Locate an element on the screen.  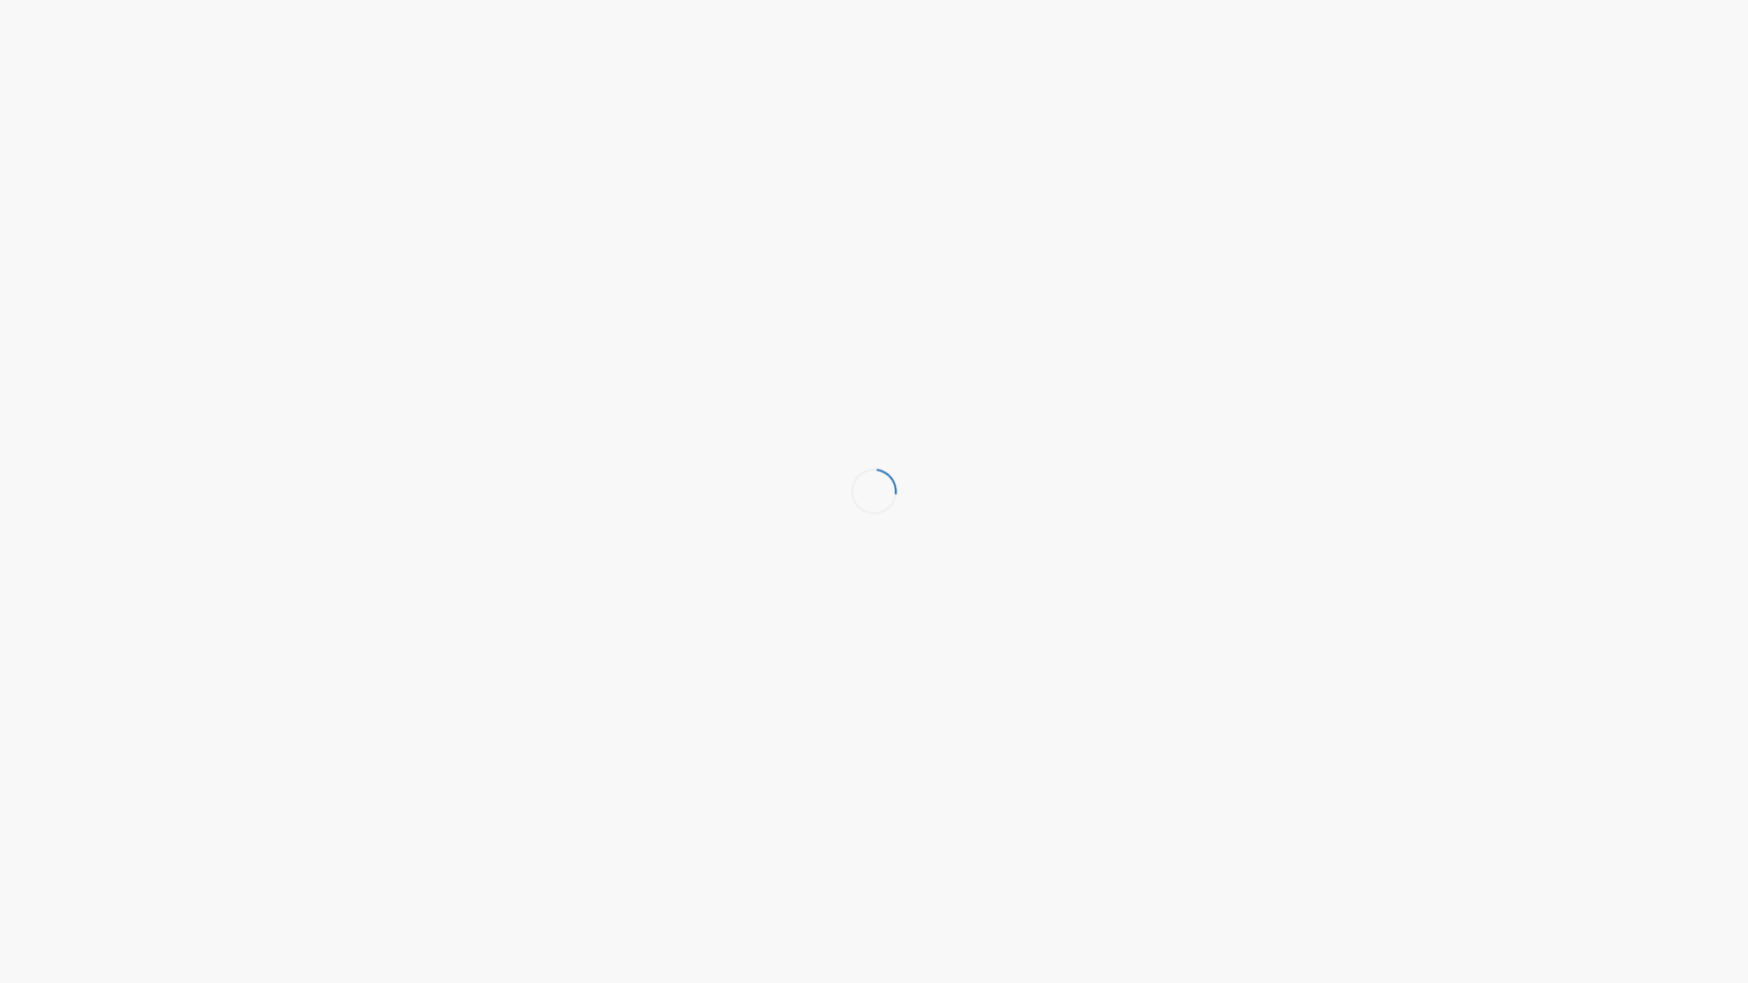
'Naar de inhoud springen' is located at coordinates (0, 0).